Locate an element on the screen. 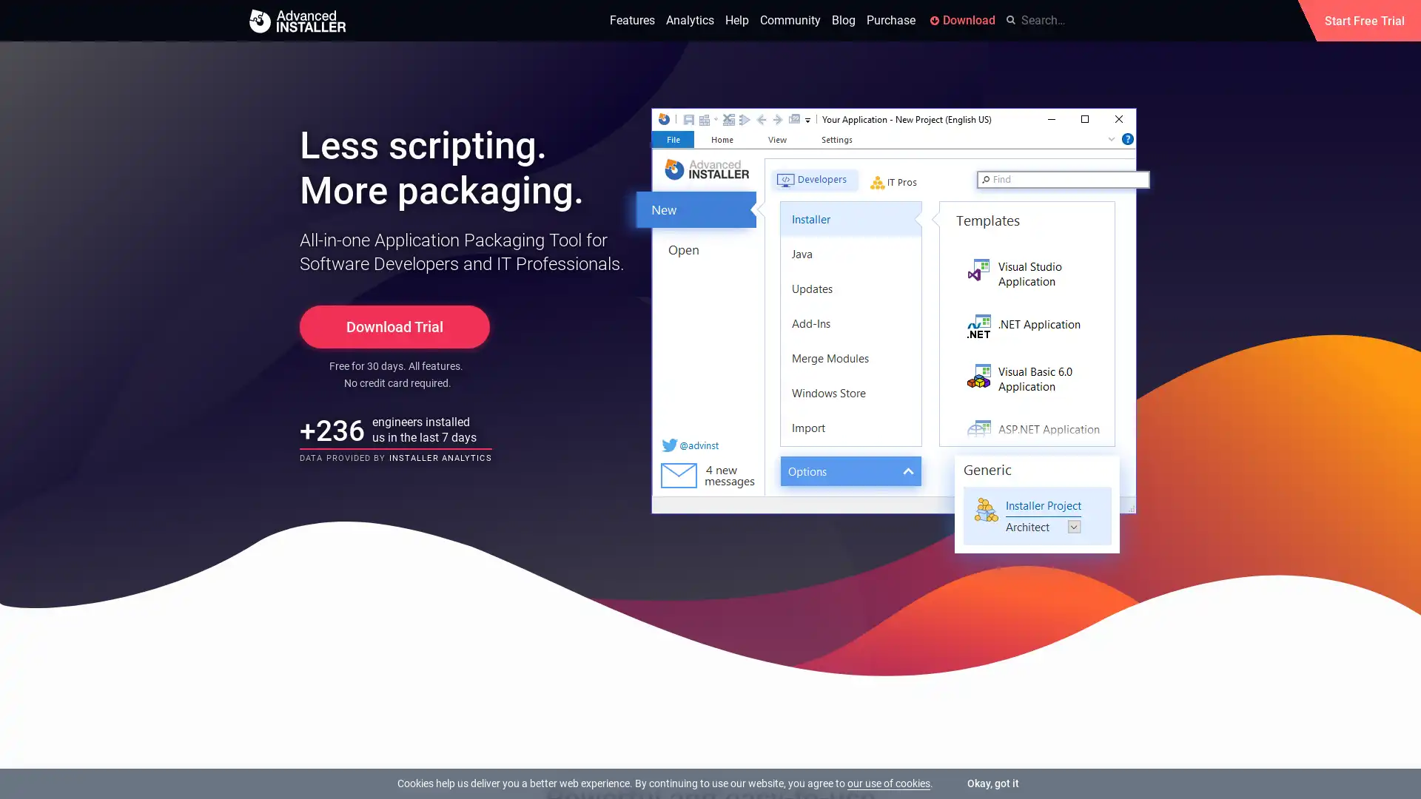  Okay, got it is located at coordinates (993, 783).